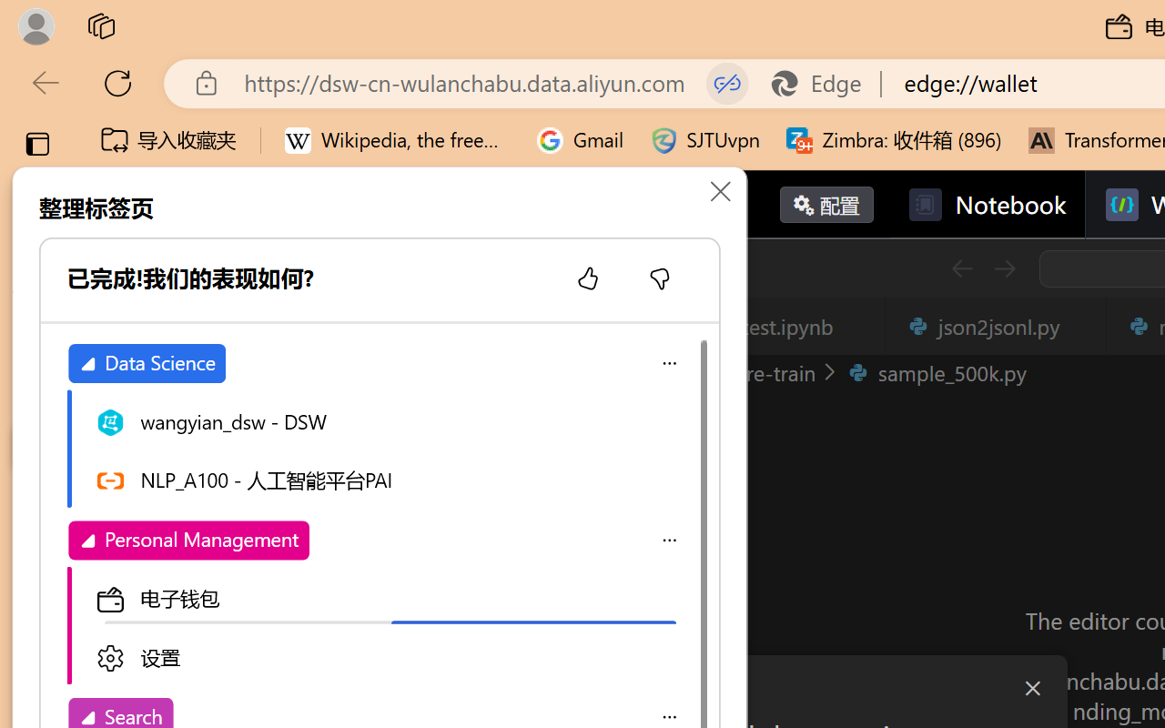  What do you see at coordinates (994, 326) in the screenshot?
I see `'json2jsonl.py'` at bounding box center [994, 326].